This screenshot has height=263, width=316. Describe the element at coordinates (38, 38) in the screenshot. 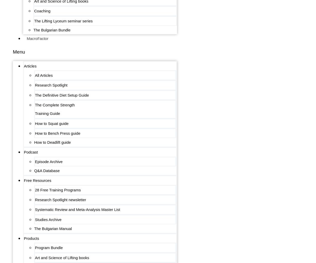

I see `'MacroFactor'` at that location.